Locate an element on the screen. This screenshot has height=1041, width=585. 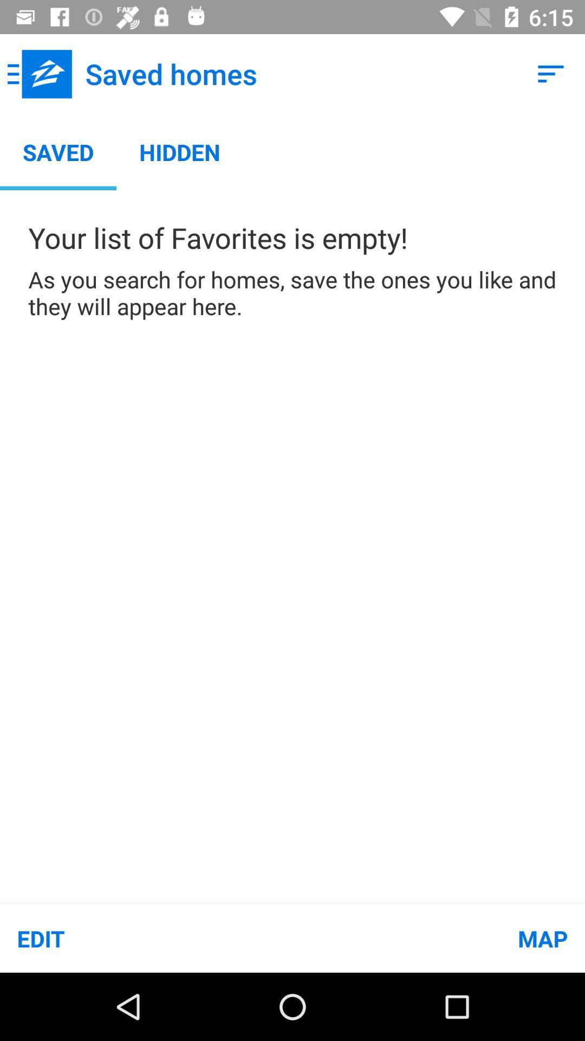
icon at the bottom right corner is located at coordinates (439, 938).